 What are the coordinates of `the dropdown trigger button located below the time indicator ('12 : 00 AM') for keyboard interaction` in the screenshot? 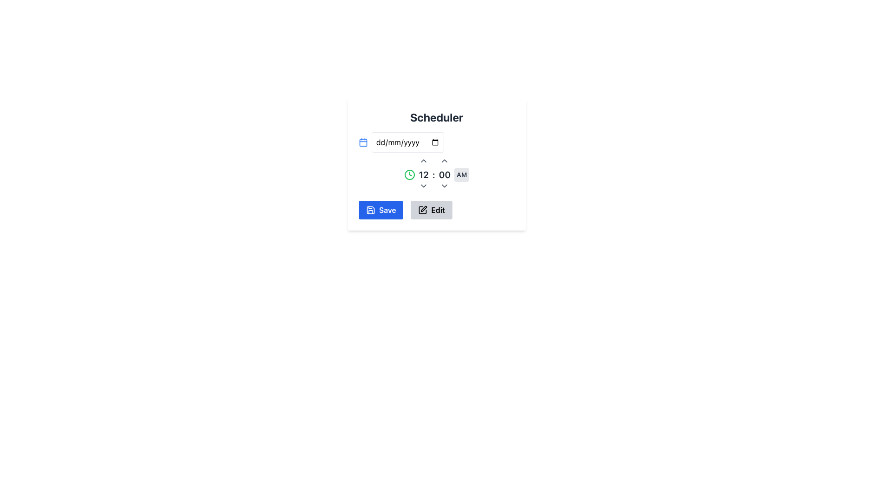 It's located at (423, 186).